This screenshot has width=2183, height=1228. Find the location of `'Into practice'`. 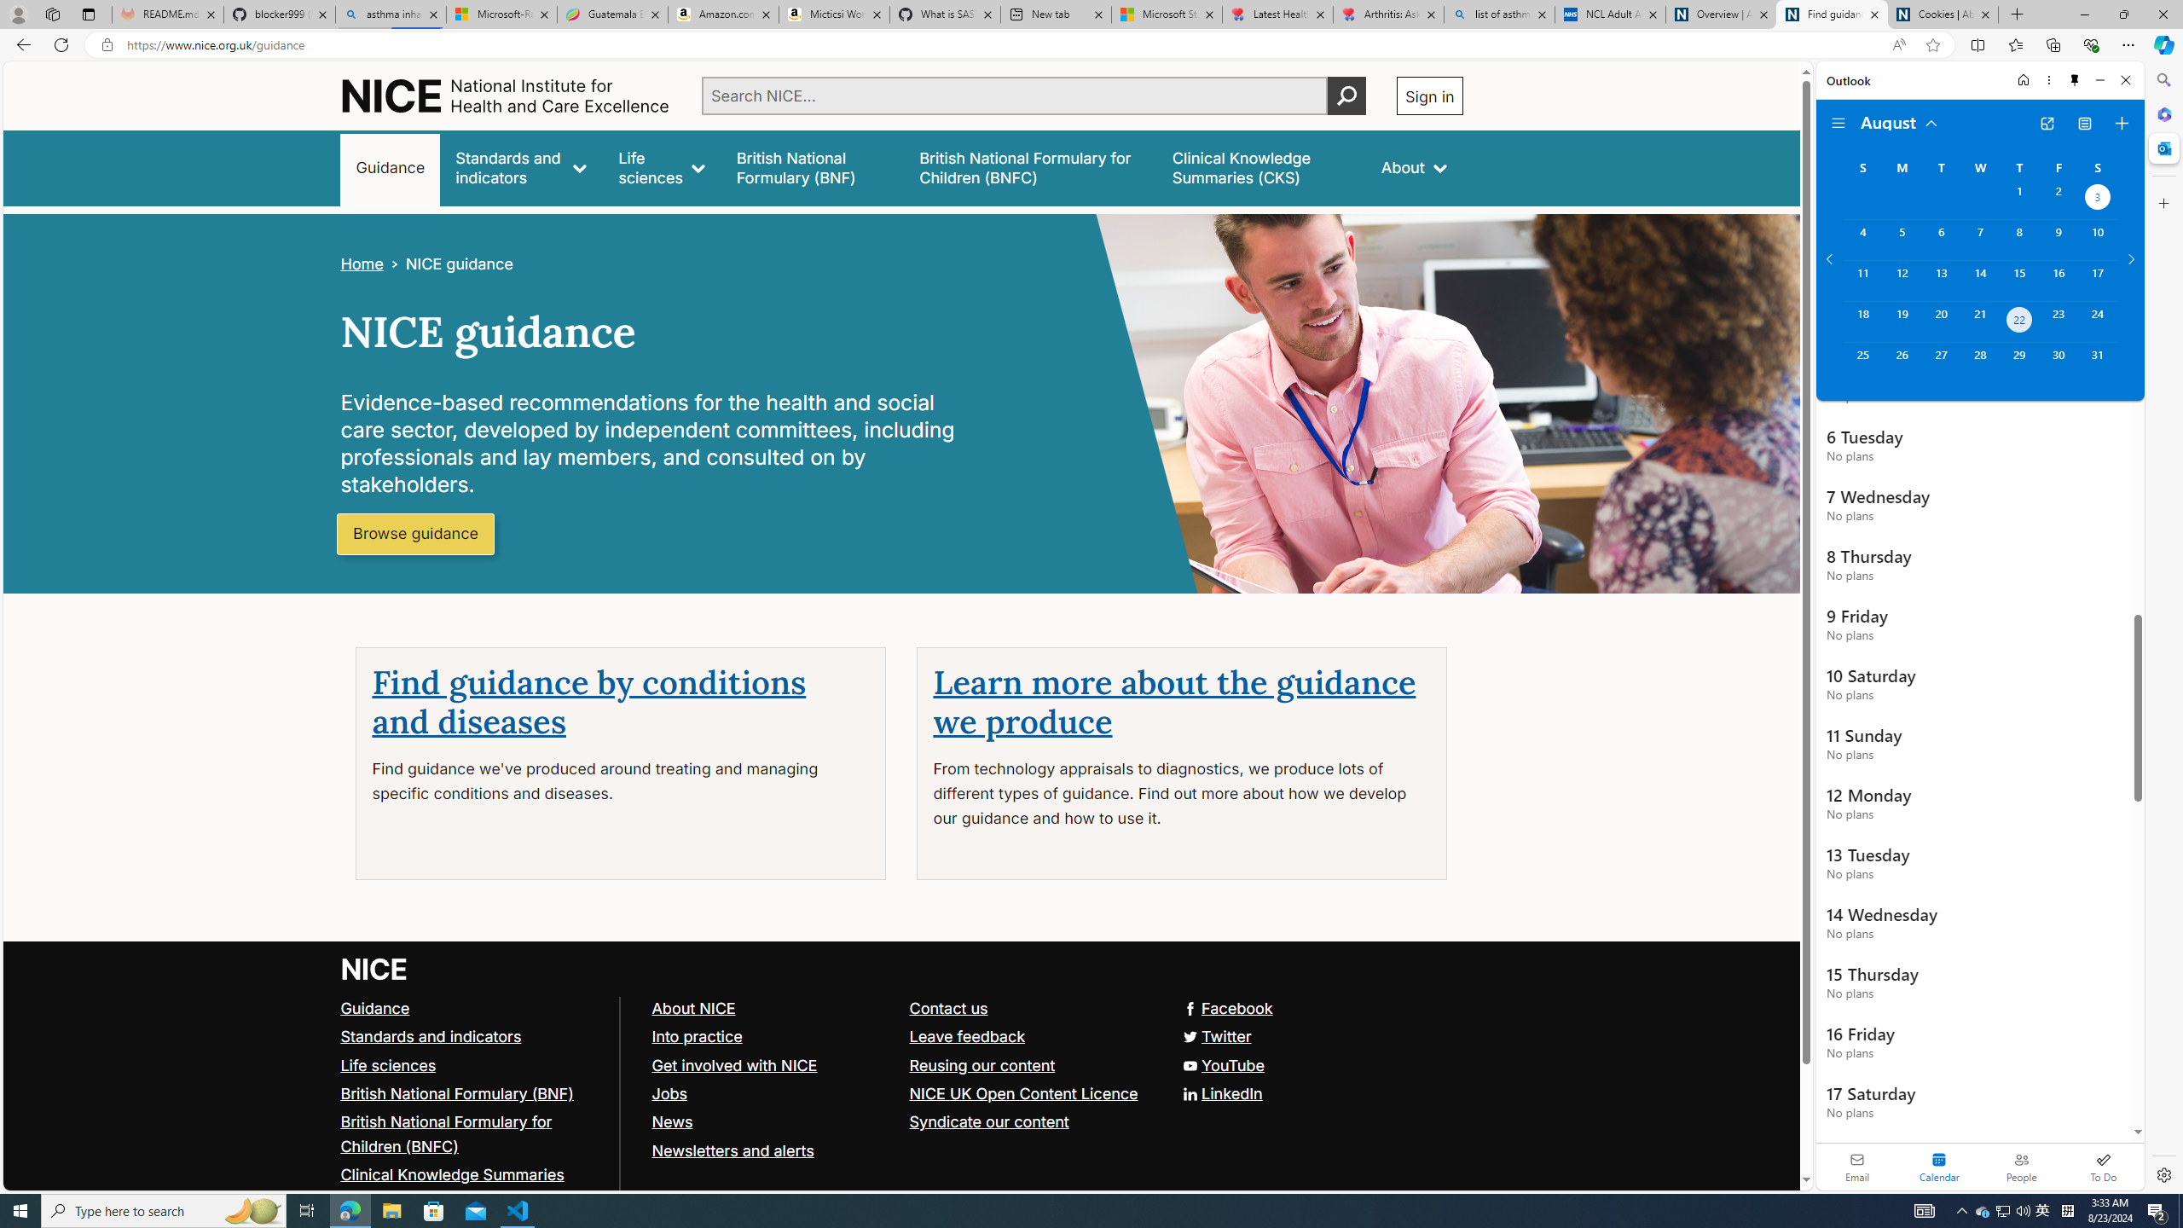

'Into practice' is located at coordinates (695, 1035).